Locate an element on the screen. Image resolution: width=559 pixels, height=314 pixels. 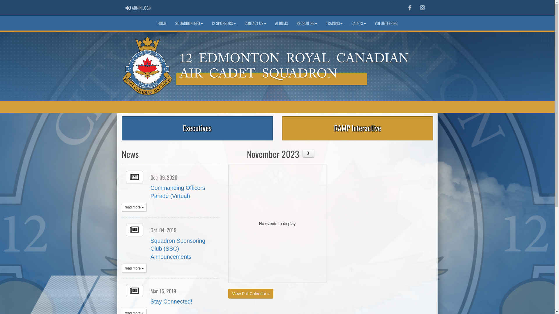
'LOGIN PAGE is located at coordinates (138, 8).